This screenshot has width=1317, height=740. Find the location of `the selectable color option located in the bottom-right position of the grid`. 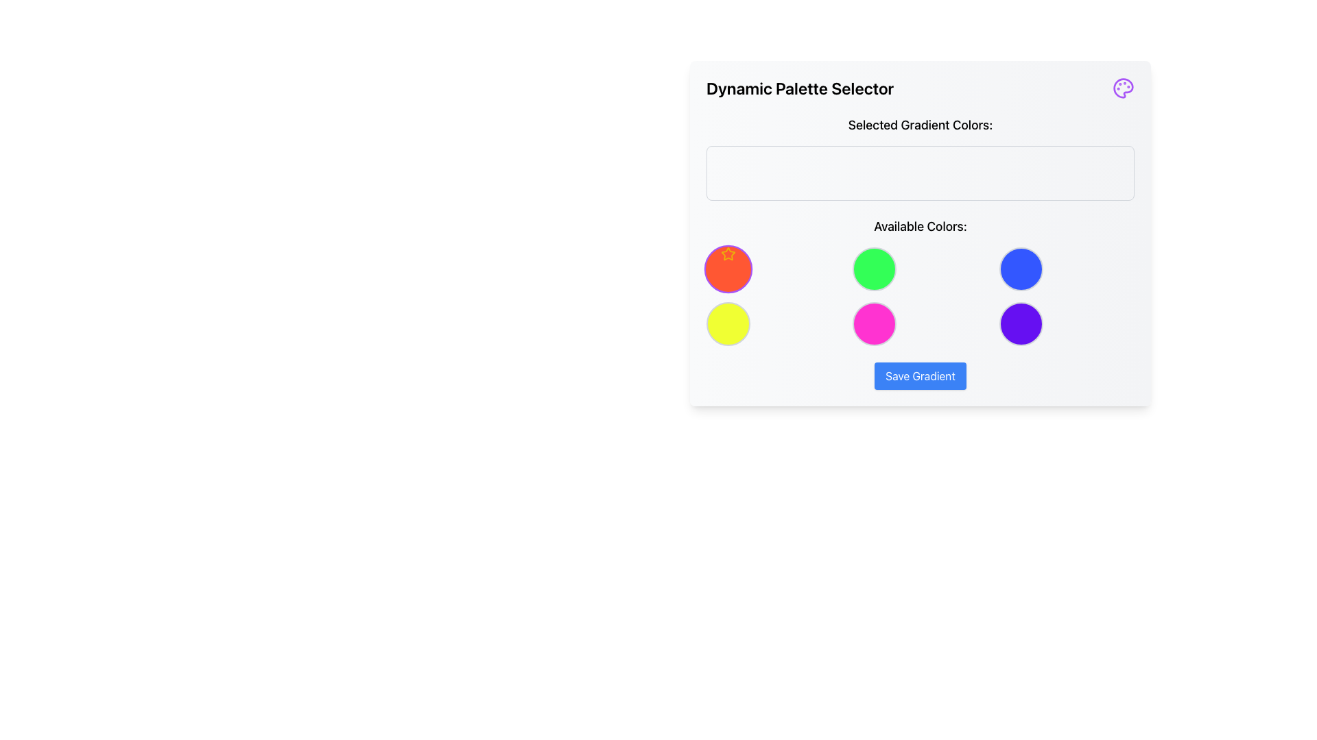

the selectable color option located in the bottom-right position of the grid is located at coordinates (1021, 324).